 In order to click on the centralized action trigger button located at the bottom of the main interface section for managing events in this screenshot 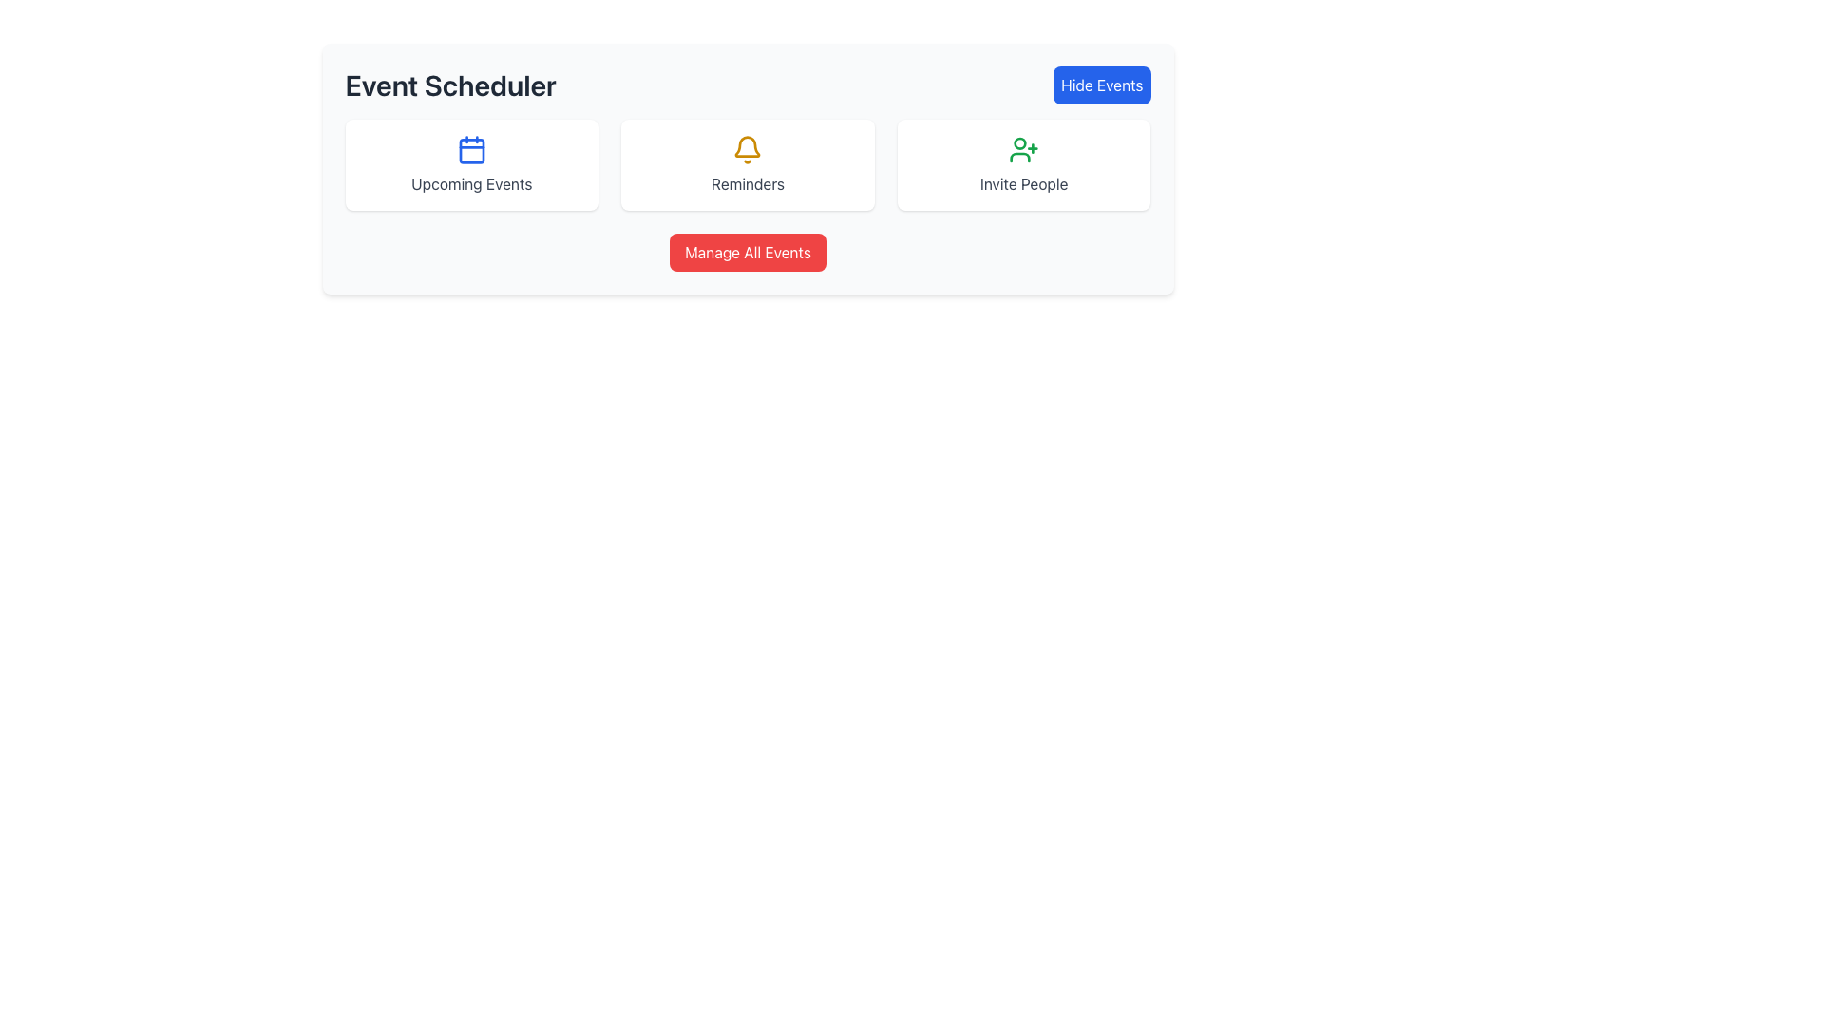, I will do `click(747, 252)`.